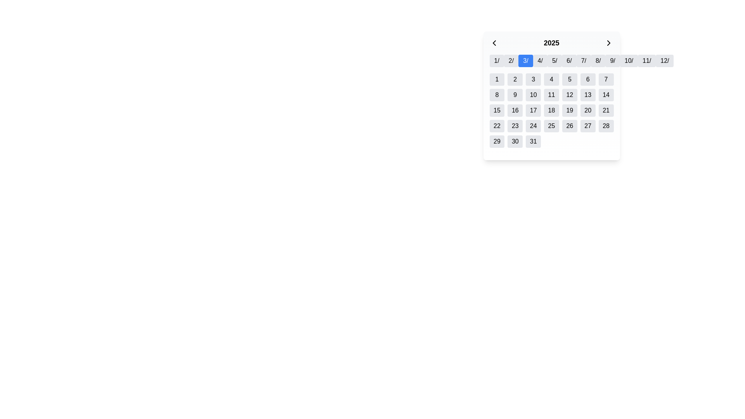  Describe the element at coordinates (608, 43) in the screenshot. I see `the right-pointing chevron navigation icon located in the top right of the calendar interface` at that location.